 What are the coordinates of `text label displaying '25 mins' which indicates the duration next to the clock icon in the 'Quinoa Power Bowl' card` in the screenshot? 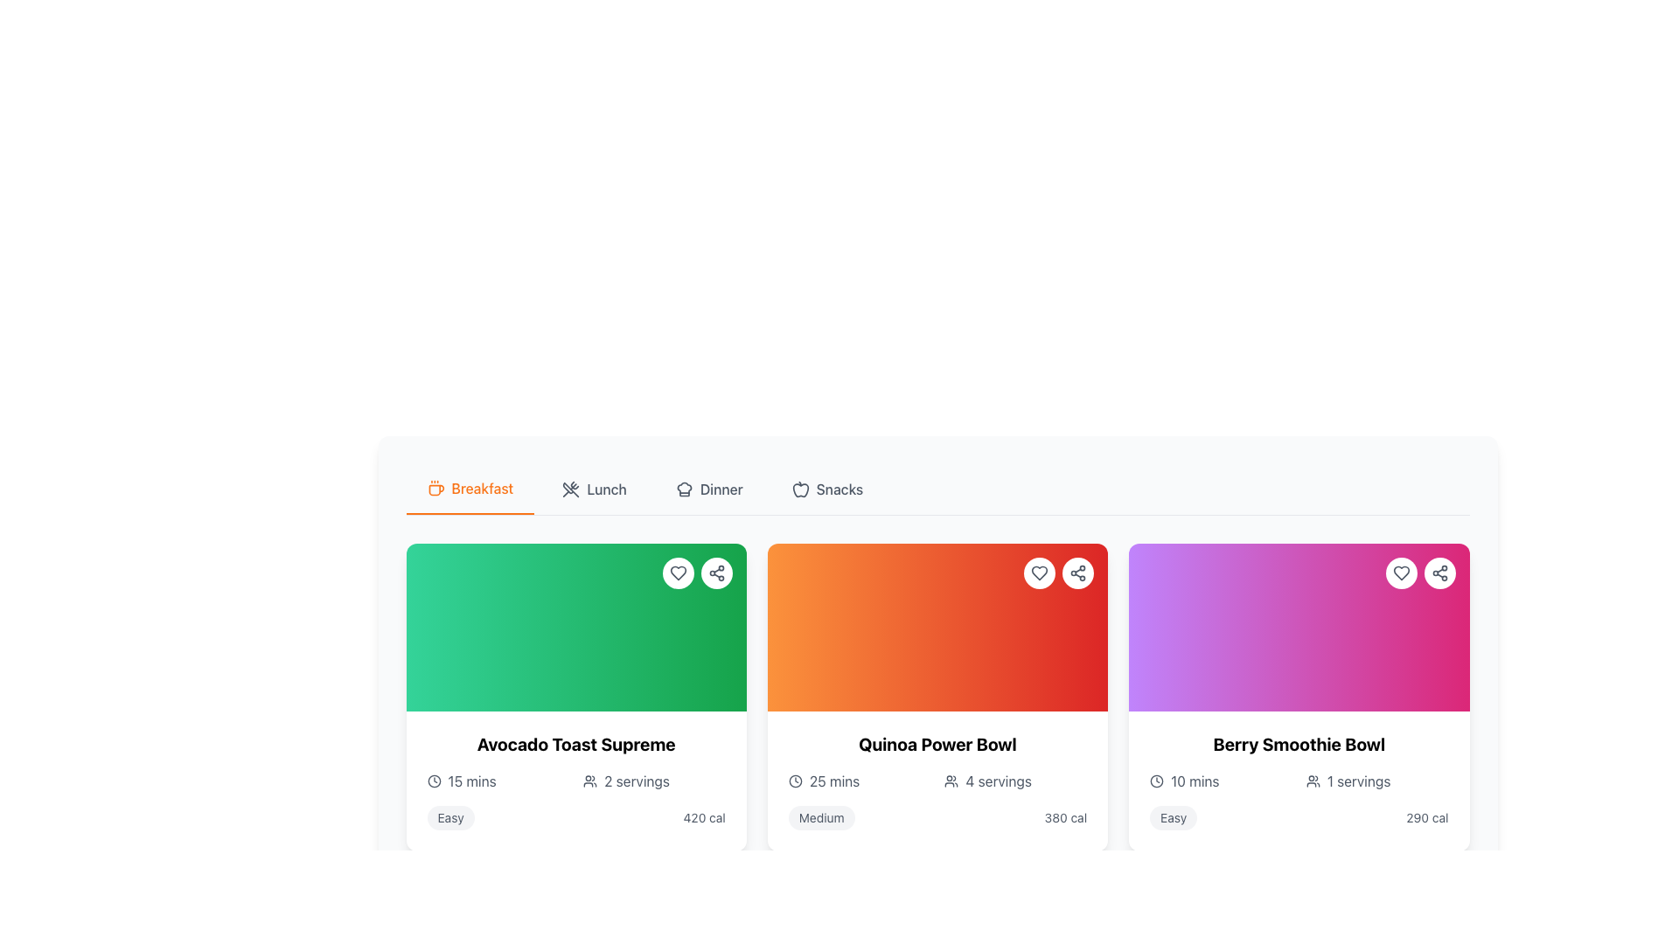 It's located at (833, 781).